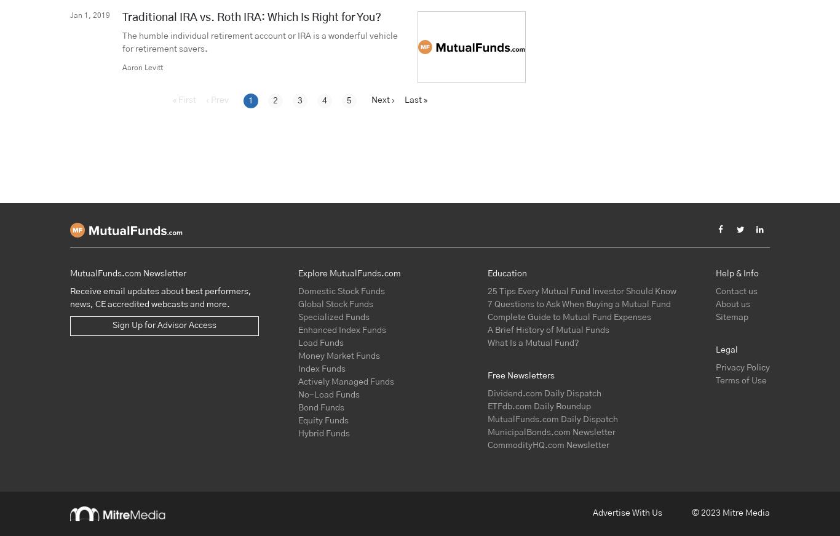  I want to click on 'Education', so click(505, 273).